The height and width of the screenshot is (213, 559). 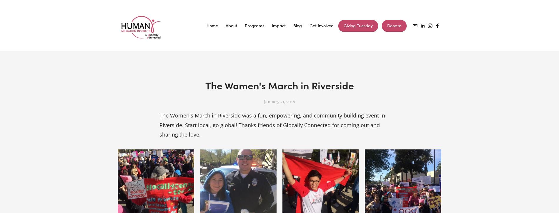 What do you see at coordinates (394, 25) in the screenshot?
I see `'Donate'` at bounding box center [394, 25].